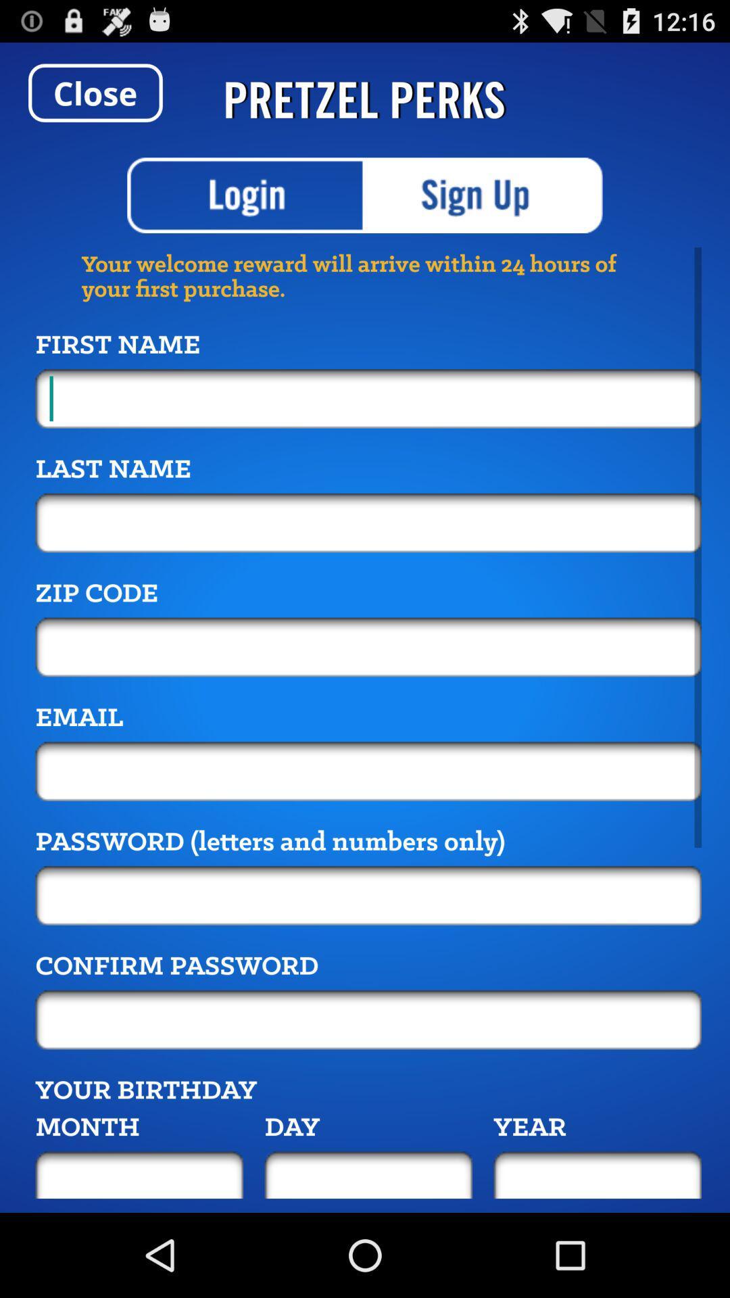  I want to click on login option, so click(246, 195).